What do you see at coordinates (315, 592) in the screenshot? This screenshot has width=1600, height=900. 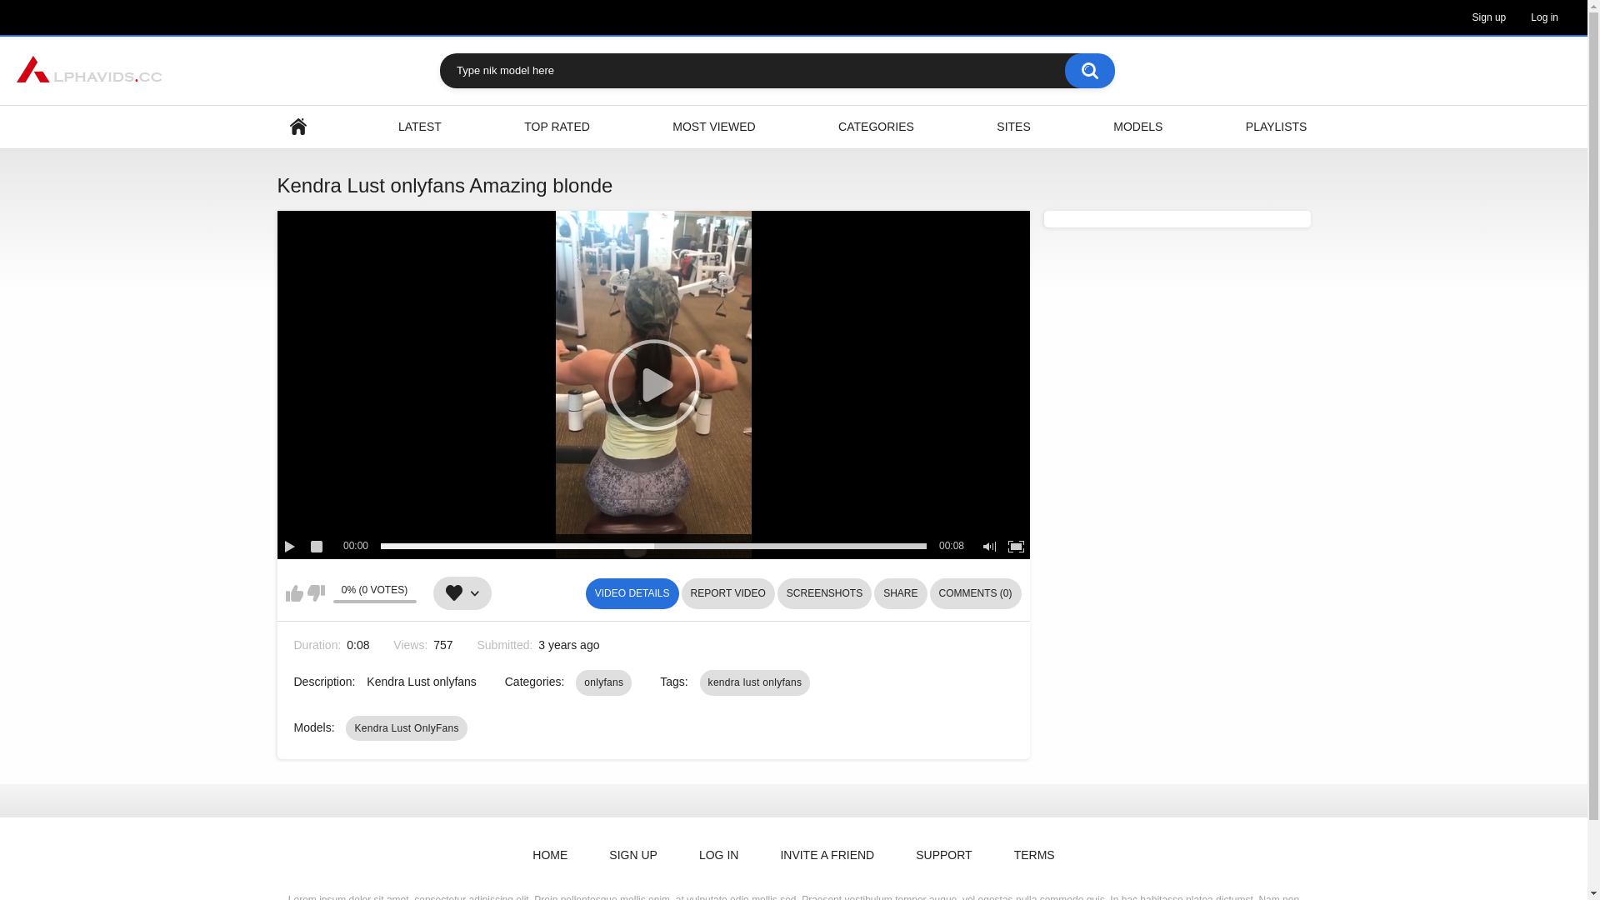 I see `'I don't like this video'` at bounding box center [315, 592].